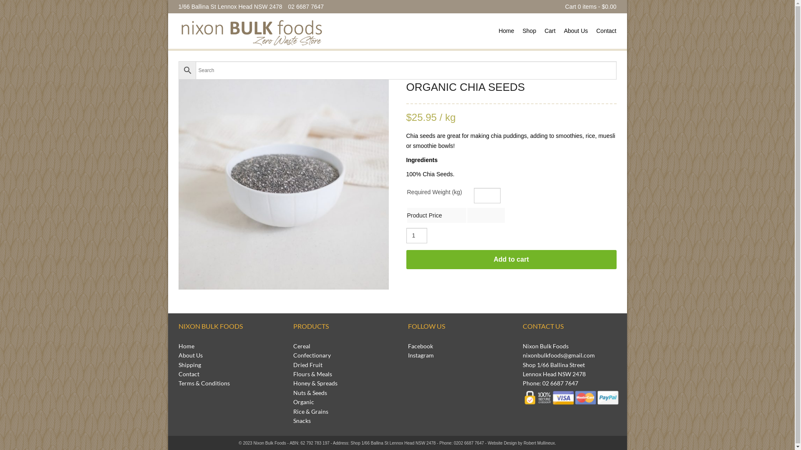  Describe the element at coordinates (302, 401) in the screenshot. I see `'Organic'` at that location.